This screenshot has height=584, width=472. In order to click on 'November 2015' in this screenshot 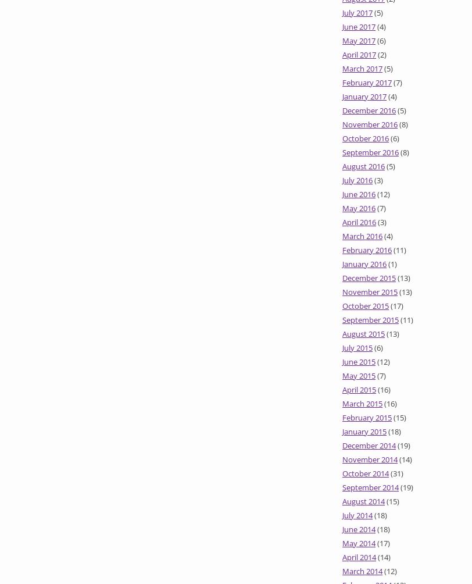, I will do `click(370, 292)`.